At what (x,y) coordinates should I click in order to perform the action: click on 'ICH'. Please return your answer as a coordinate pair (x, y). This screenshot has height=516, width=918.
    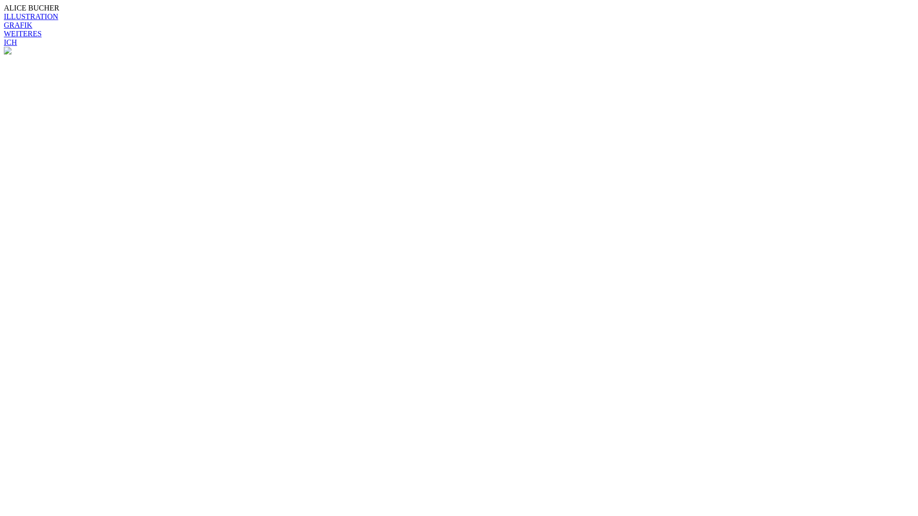
    Looking at the image, I should click on (11, 42).